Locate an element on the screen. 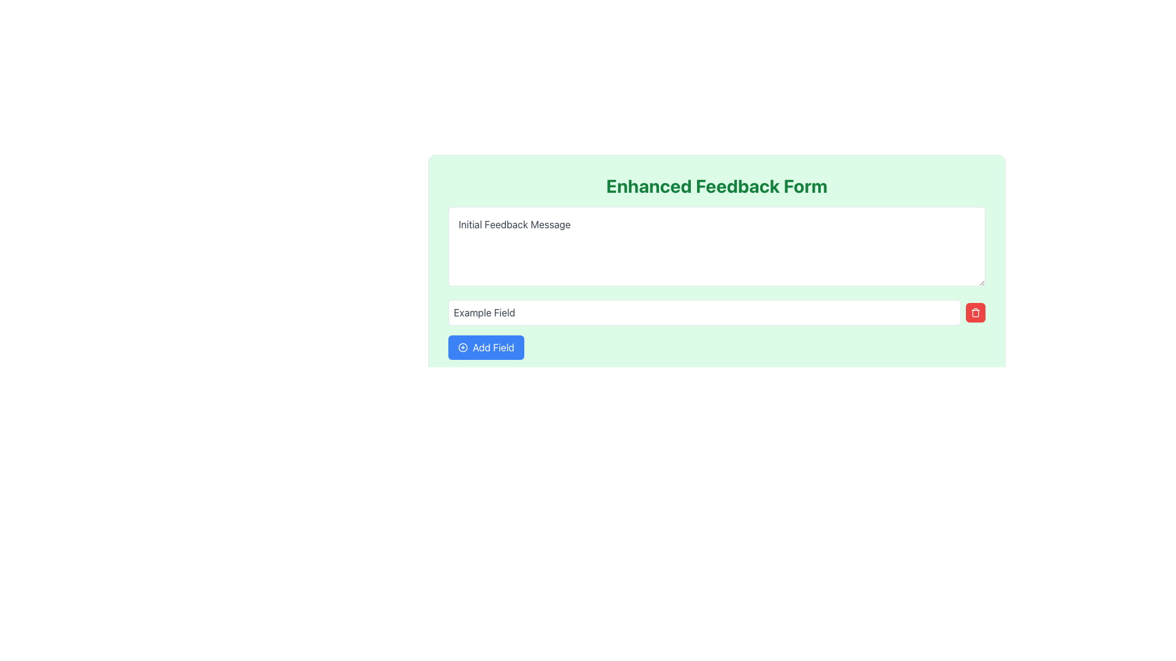 The width and height of the screenshot is (1176, 661). the delete button located immediately to the right of the 'Example Field' text input to initiate deletion is located at coordinates (975, 312).